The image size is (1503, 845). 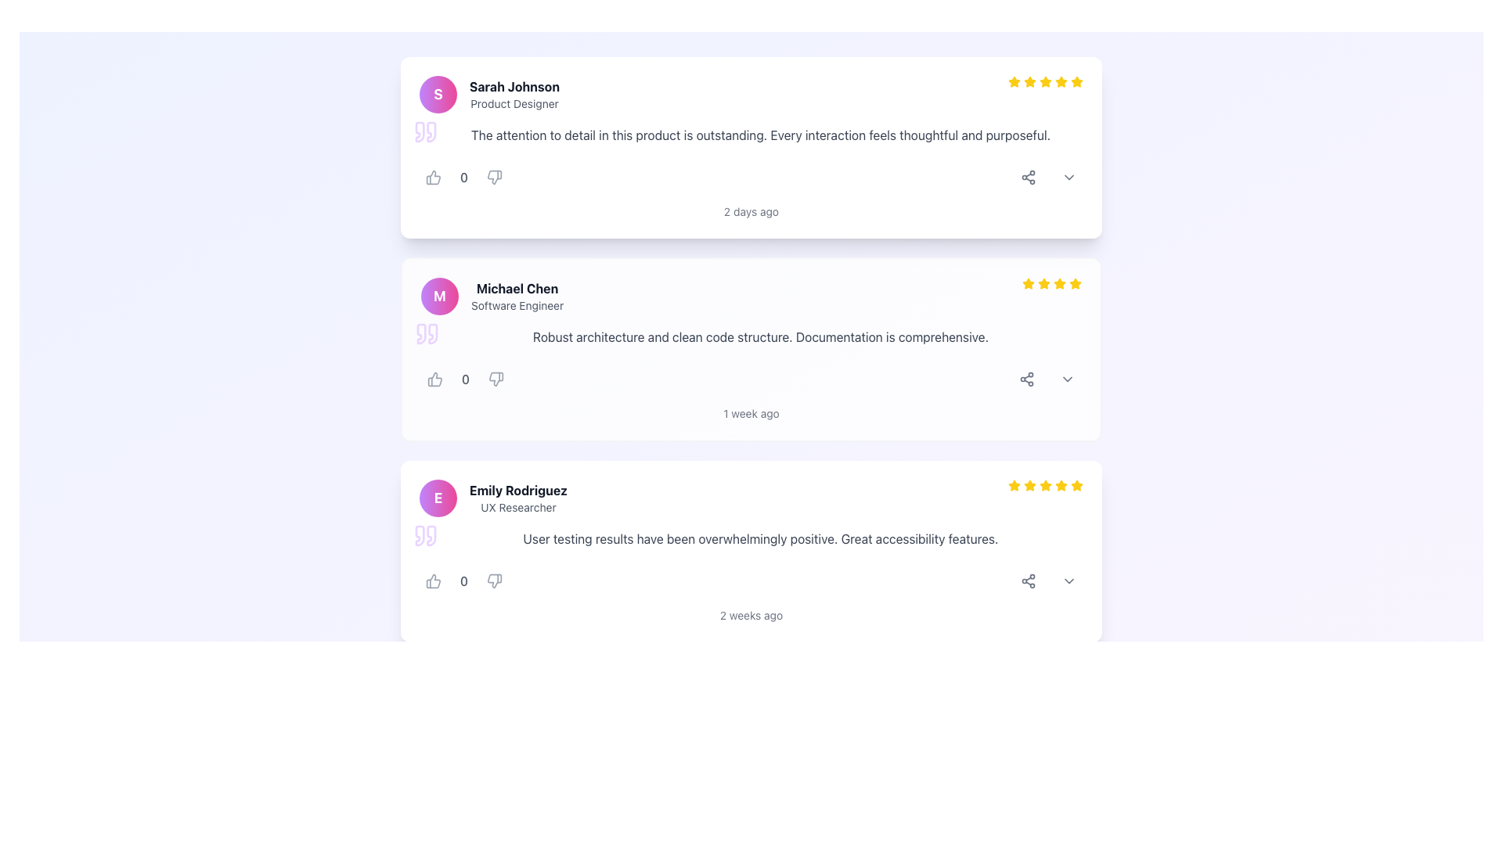 What do you see at coordinates (1061, 485) in the screenshot?
I see `the fifth star icon representing the rating value in the user-generated review card located at the top right corner` at bounding box center [1061, 485].